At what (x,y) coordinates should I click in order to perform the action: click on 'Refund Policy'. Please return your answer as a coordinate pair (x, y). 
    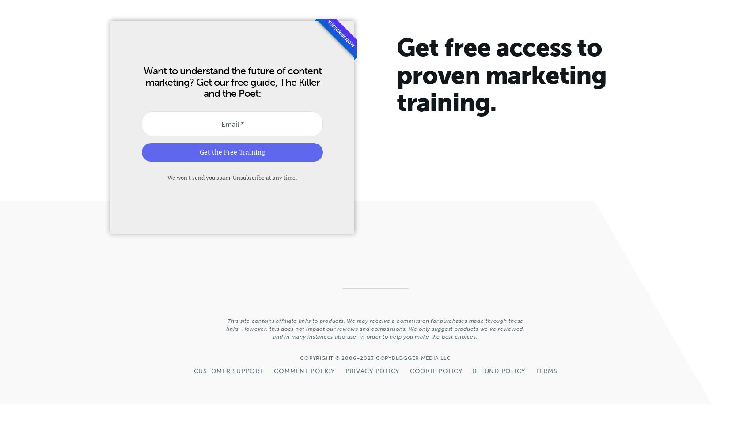
    Looking at the image, I should click on (499, 371).